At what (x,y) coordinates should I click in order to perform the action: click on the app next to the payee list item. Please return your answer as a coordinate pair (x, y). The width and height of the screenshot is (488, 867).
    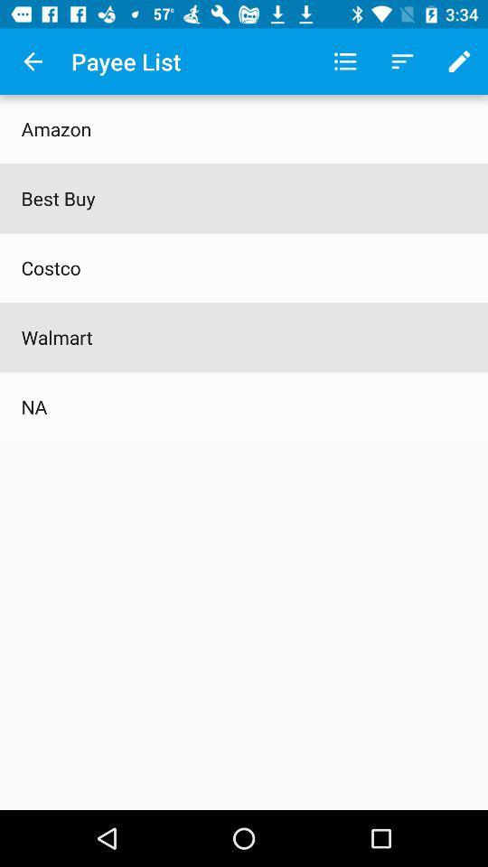
    Looking at the image, I should click on (345, 61).